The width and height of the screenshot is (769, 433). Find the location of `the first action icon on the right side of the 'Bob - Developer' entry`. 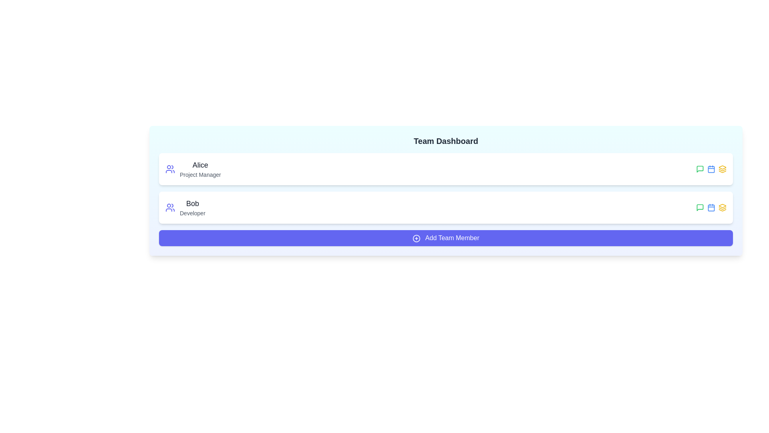

the first action icon on the right side of the 'Bob - Developer' entry is located at coordinates (699, 168).